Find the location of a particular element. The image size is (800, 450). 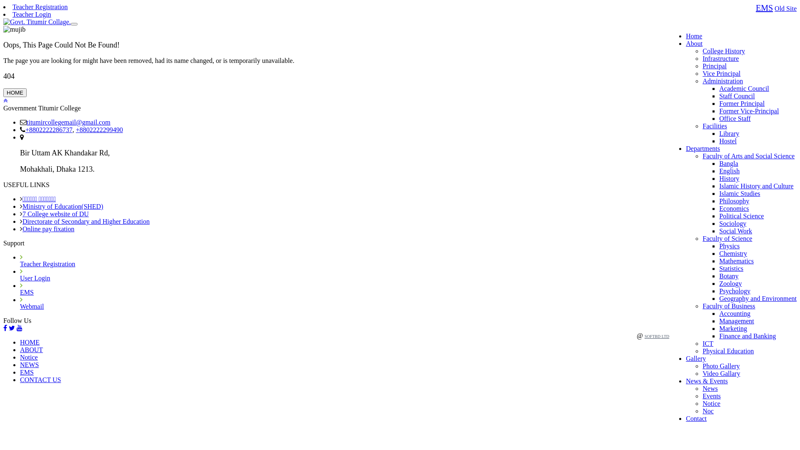

'Webmail' is located at coordinates (32, 306).